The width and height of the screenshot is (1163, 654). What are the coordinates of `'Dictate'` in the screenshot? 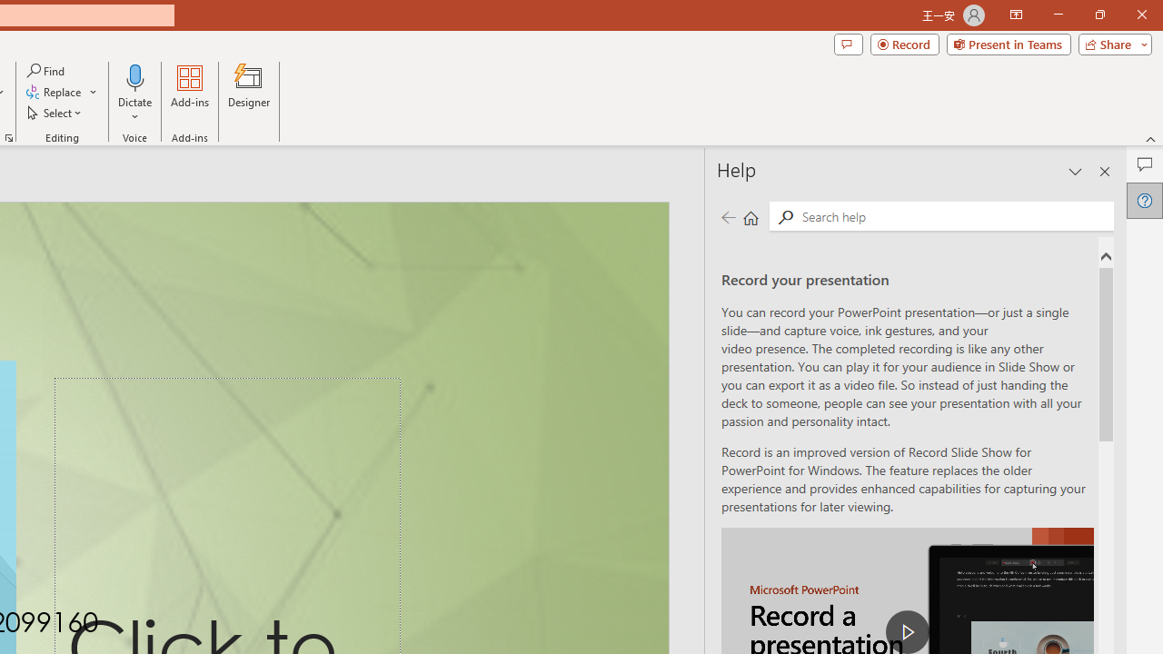 It's located at (134, 76).